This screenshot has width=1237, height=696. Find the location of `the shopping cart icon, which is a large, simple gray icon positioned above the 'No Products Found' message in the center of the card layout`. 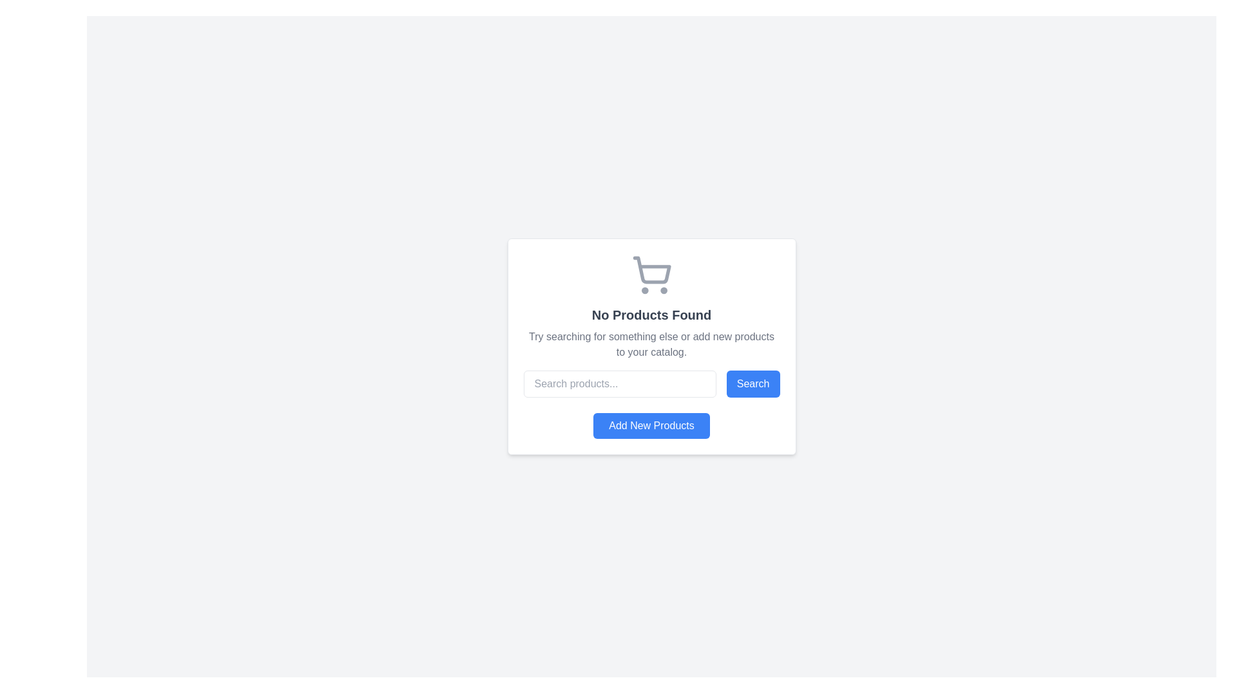

the shopping cart icon, which is a large, simple gray icon positioned above the 'No Products Found' message in the center of the card layout is located at coordinates (651, 275).